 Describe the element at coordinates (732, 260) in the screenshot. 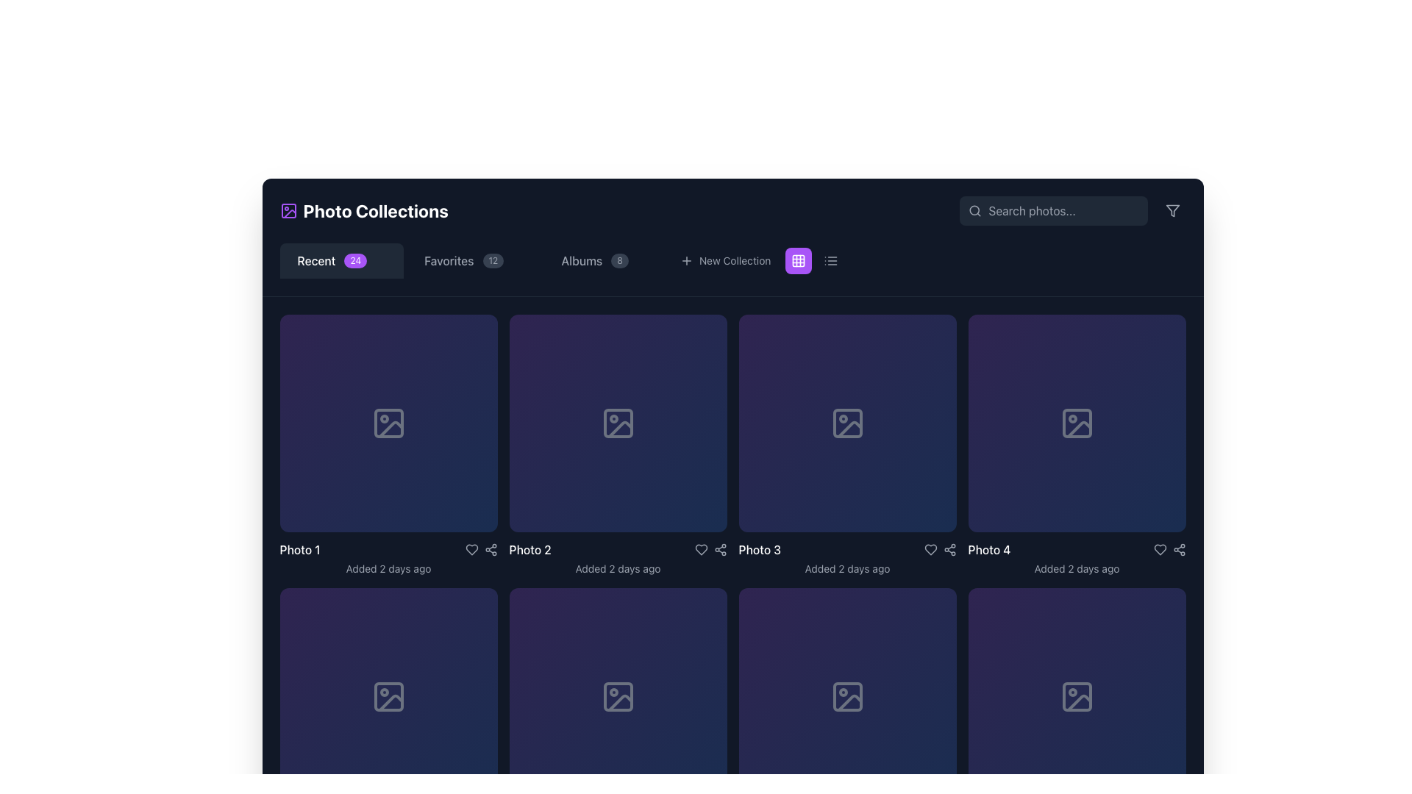

I see `the button used to create a new collection, located in the horizontal menu bar under 'Photo Collections'` at that location.